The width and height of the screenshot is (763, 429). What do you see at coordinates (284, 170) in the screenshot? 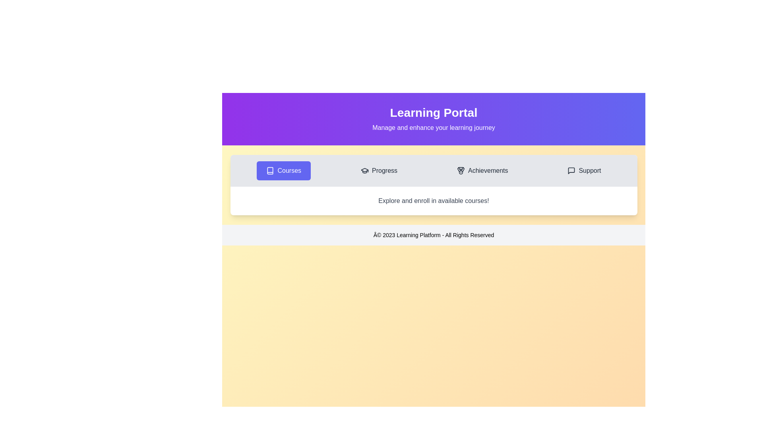
I see `the 'Courses' button, which is a rectangular indigo button with white text and a book icon, located at the top-left of the module section` at bounding box center [284, 170].